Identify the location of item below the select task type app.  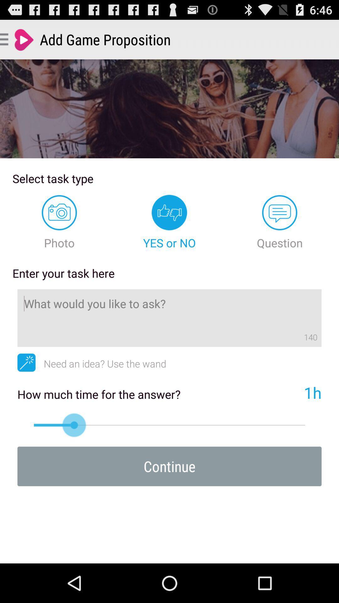
(59, 222).